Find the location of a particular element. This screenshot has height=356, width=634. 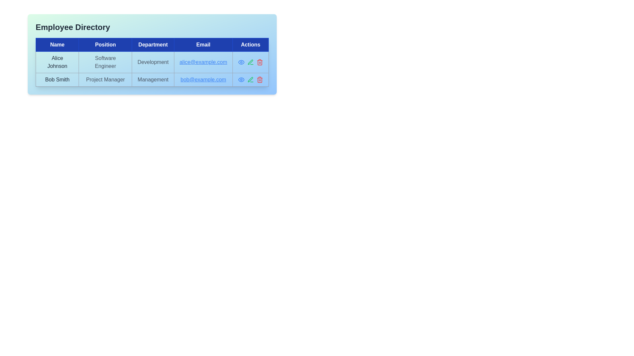

the static text element displaying 'Software Engineer' in the Employee Directory table, located in the second column of the first row for 'Alice Johnson' is located at coordinates (105, 62).